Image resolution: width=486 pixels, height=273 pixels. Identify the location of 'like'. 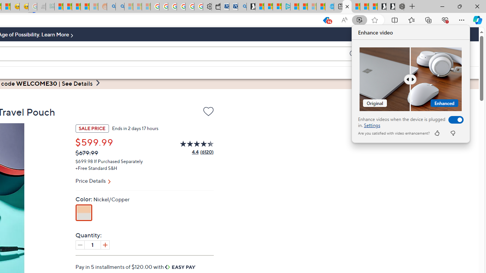
(437, 133).